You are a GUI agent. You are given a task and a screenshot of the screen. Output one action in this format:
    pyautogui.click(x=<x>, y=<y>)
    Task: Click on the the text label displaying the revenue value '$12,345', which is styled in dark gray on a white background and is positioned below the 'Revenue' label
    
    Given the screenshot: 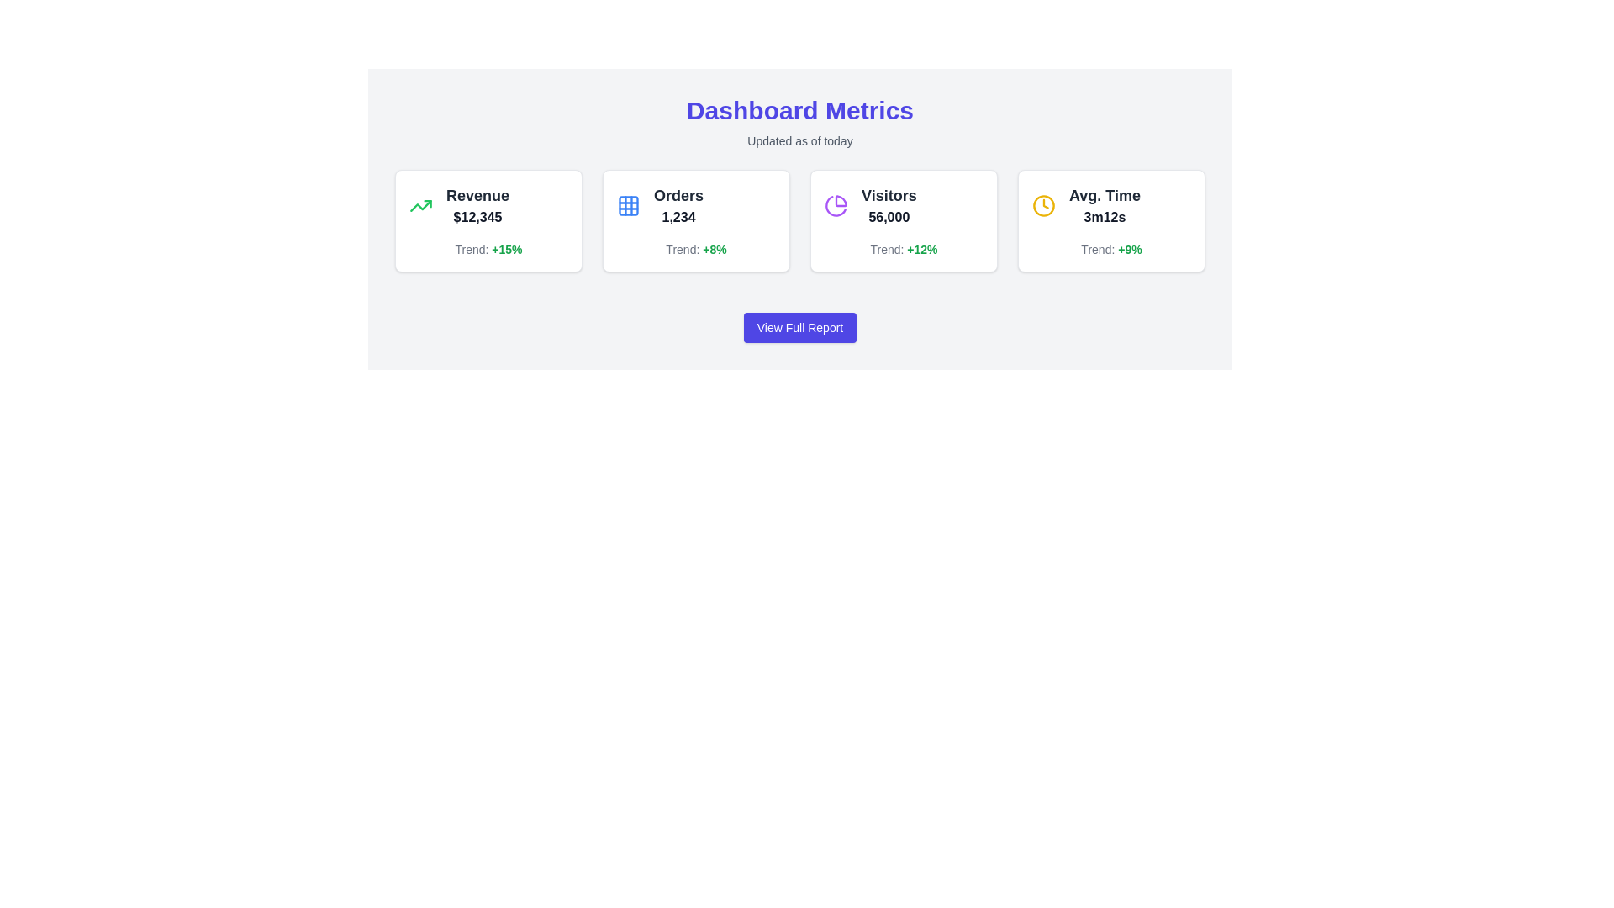 What is the action you would take?
    pyautogui.click(x=477, y=216)
    